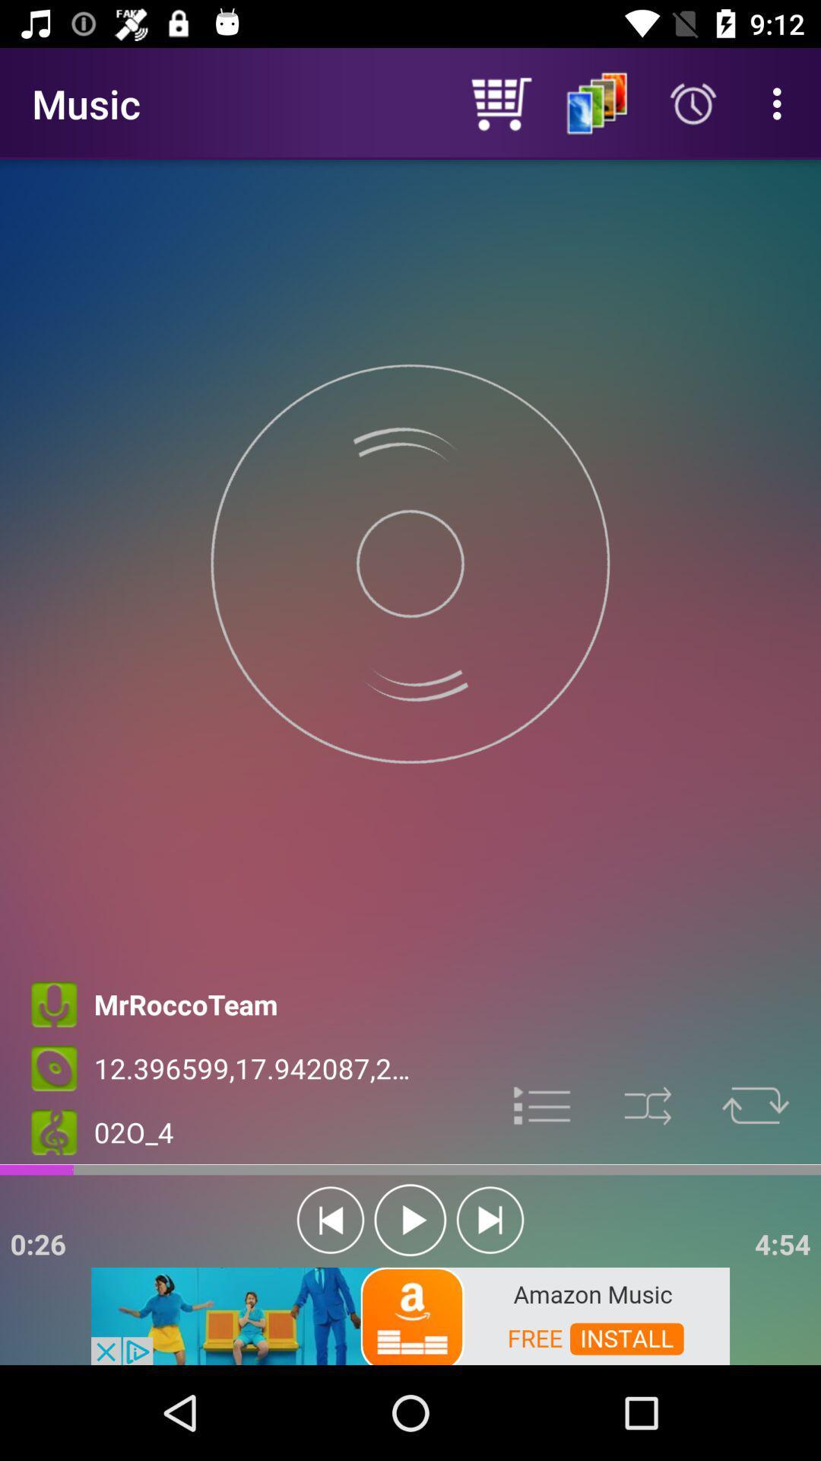 The image size is (821, 1461). I want to click on repeat, so click(756, 1106).